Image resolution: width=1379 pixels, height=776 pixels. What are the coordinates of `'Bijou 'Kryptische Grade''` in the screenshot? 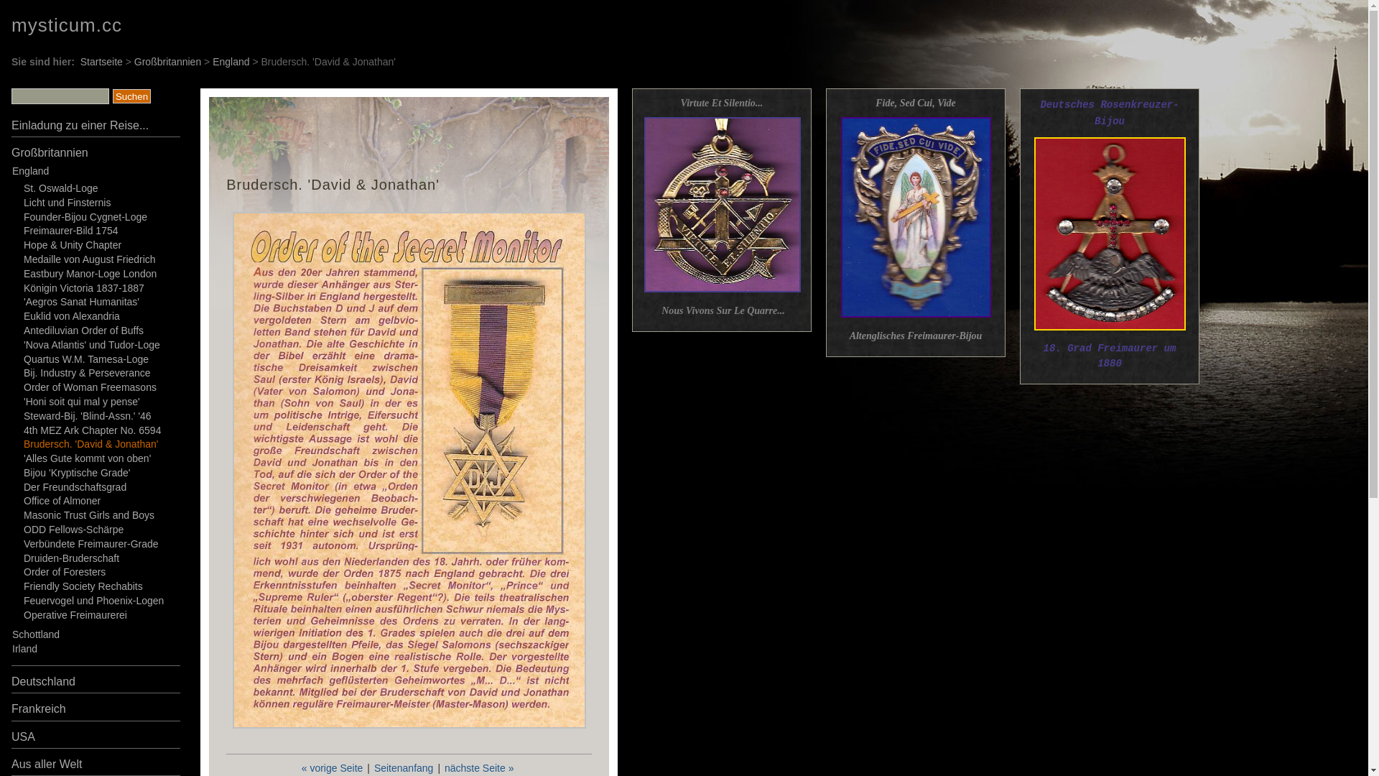 It's located at (76, 473).